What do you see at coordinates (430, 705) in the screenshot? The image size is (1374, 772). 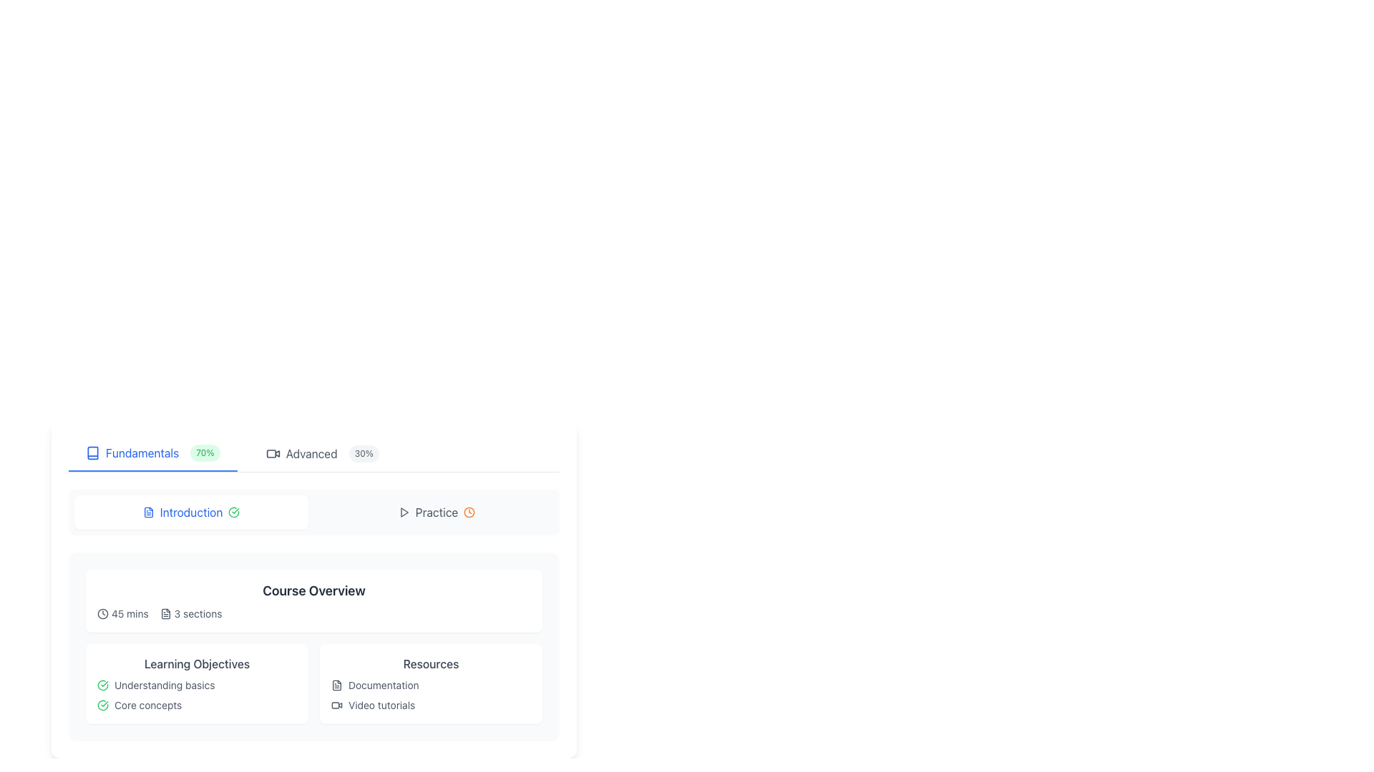 I see `the Text label representing a link to video tutorials, located` at bounding box center [430, 705].